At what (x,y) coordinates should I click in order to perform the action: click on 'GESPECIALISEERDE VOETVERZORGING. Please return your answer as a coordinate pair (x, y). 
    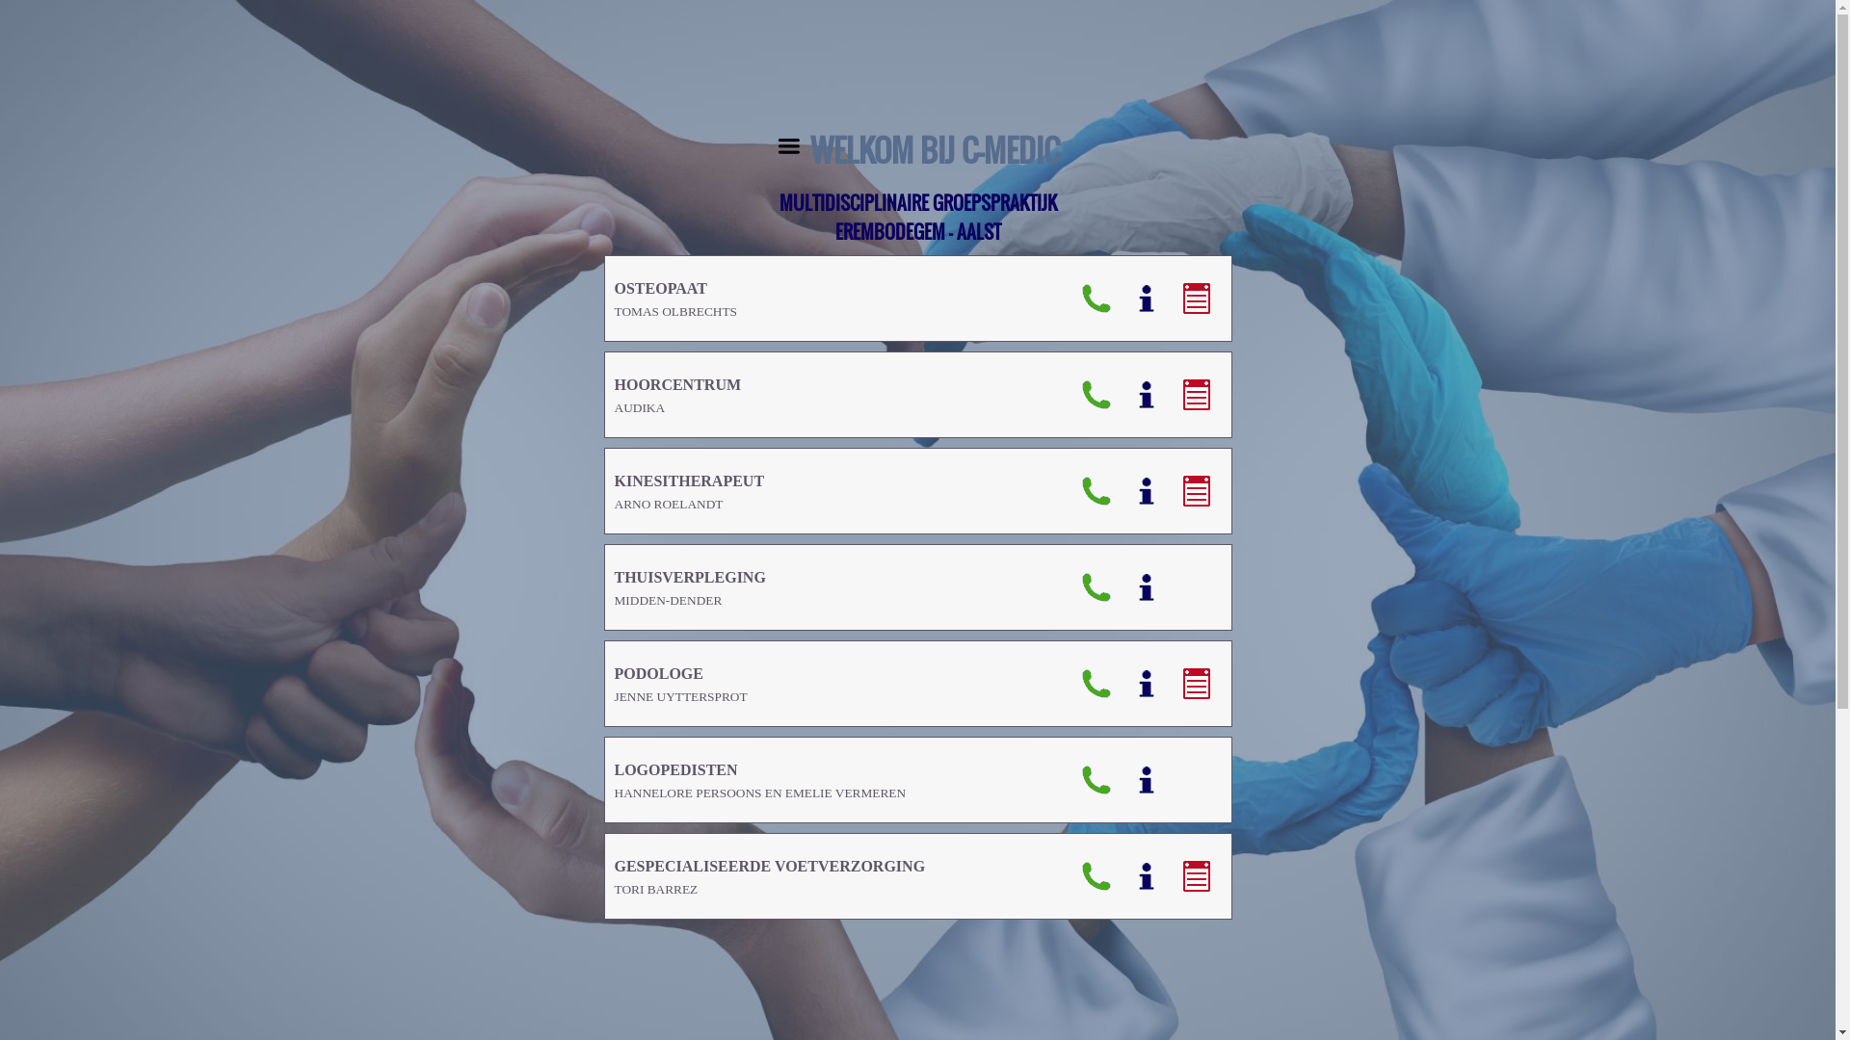
    Looking at the image, I should click on (769, 876).